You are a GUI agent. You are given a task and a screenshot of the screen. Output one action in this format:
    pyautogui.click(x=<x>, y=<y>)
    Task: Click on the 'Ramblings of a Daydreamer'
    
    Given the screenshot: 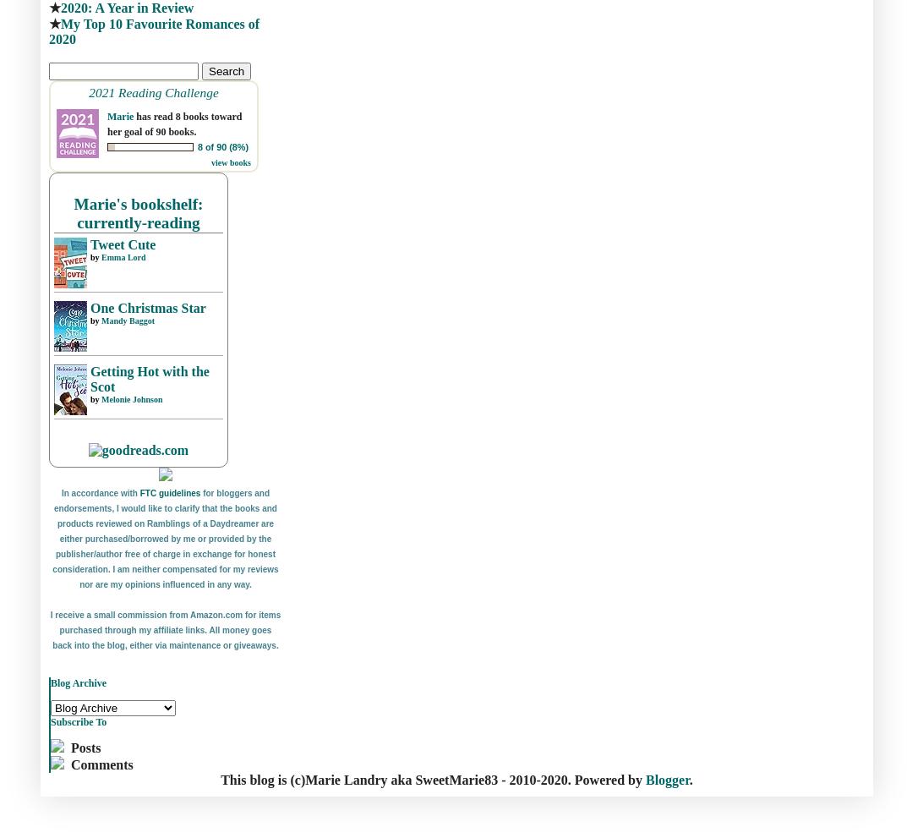 What is the action you would take?
    pyautogui.click(x=146, y=523)
    